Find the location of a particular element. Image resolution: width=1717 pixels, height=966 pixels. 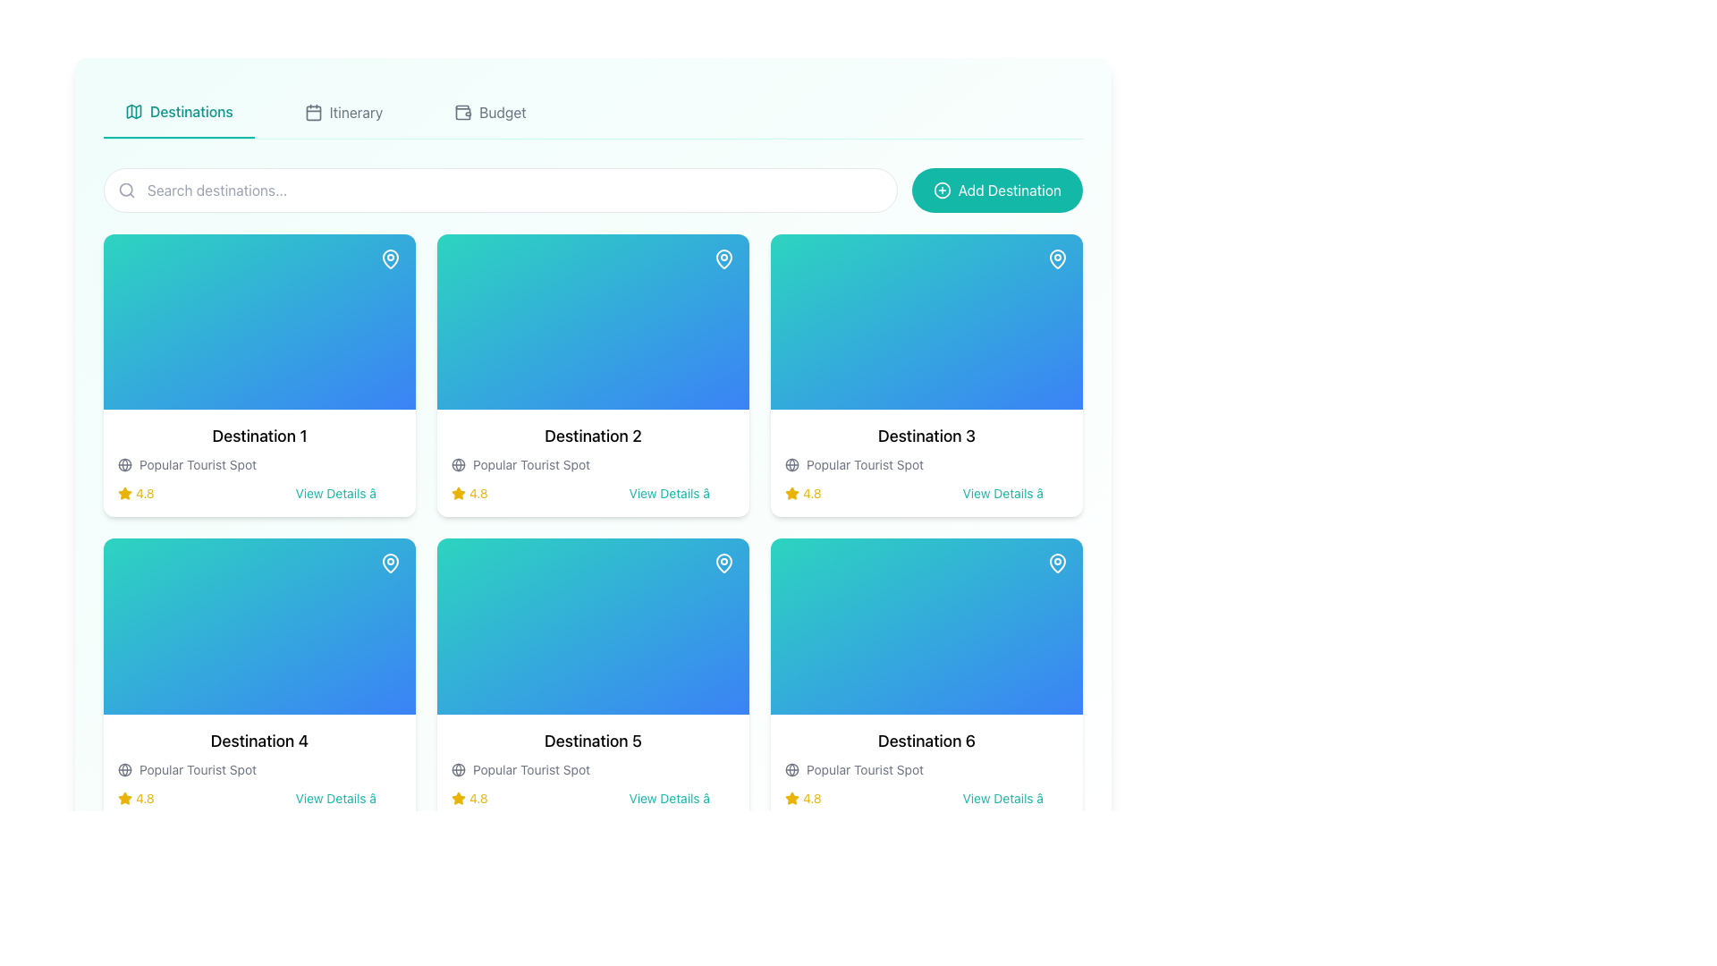

the rating label located at the bottom-left corner of the 'Destination 3' card, adjacent to the star icon and to the left of the 'View Details →' text link is located at coordinates (802, 494).